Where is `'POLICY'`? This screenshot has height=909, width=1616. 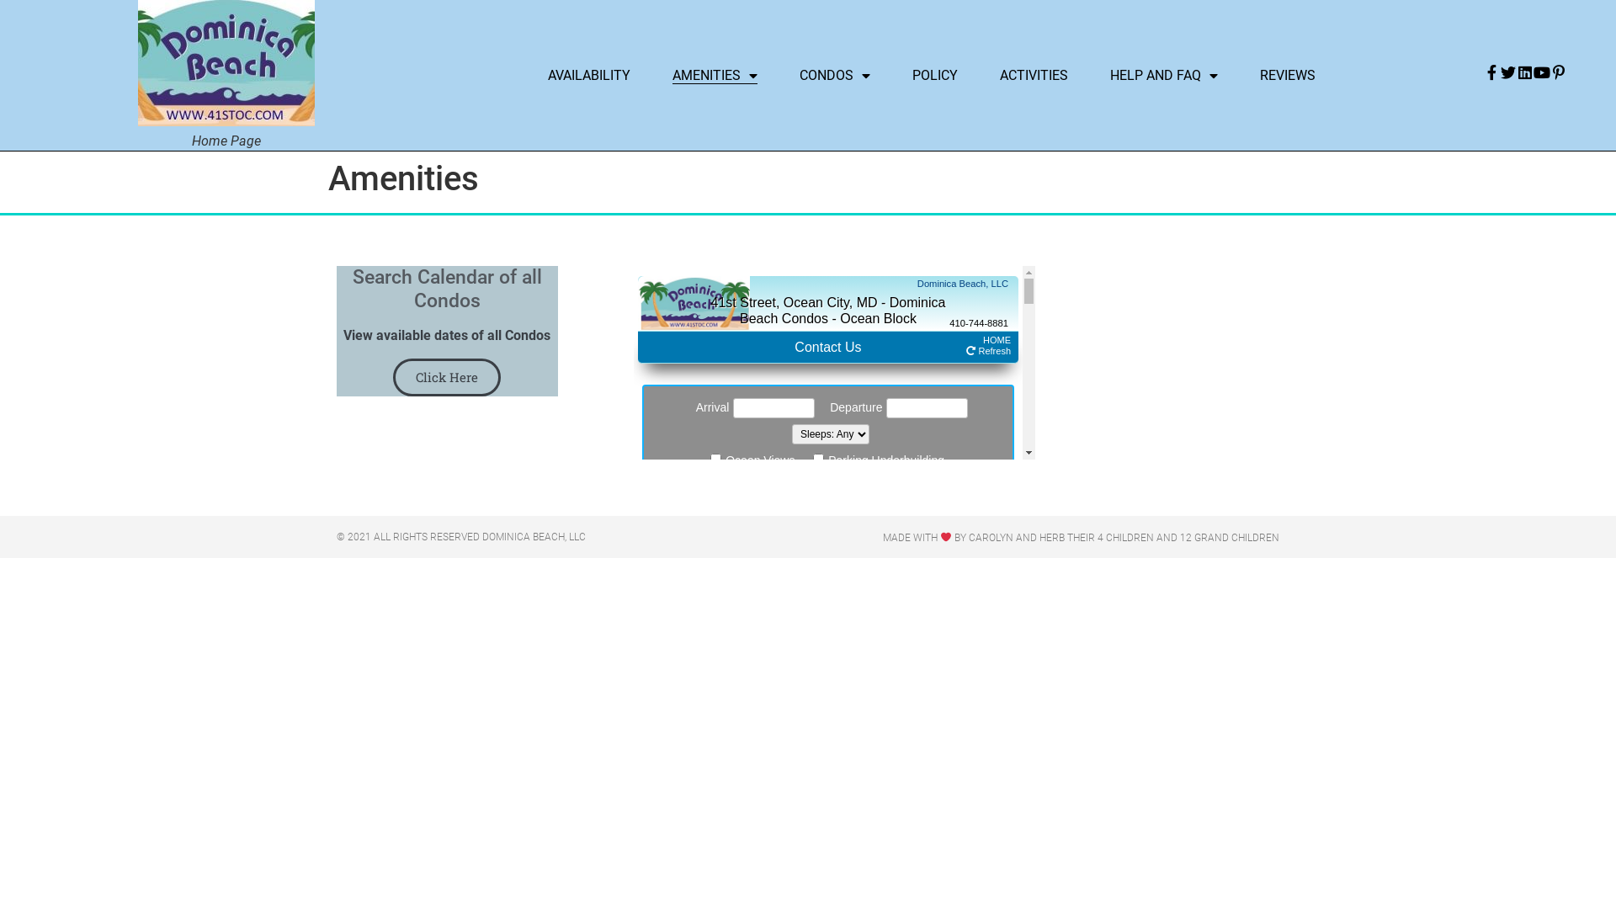
'POLICY' is located at coordinates (933, 74).